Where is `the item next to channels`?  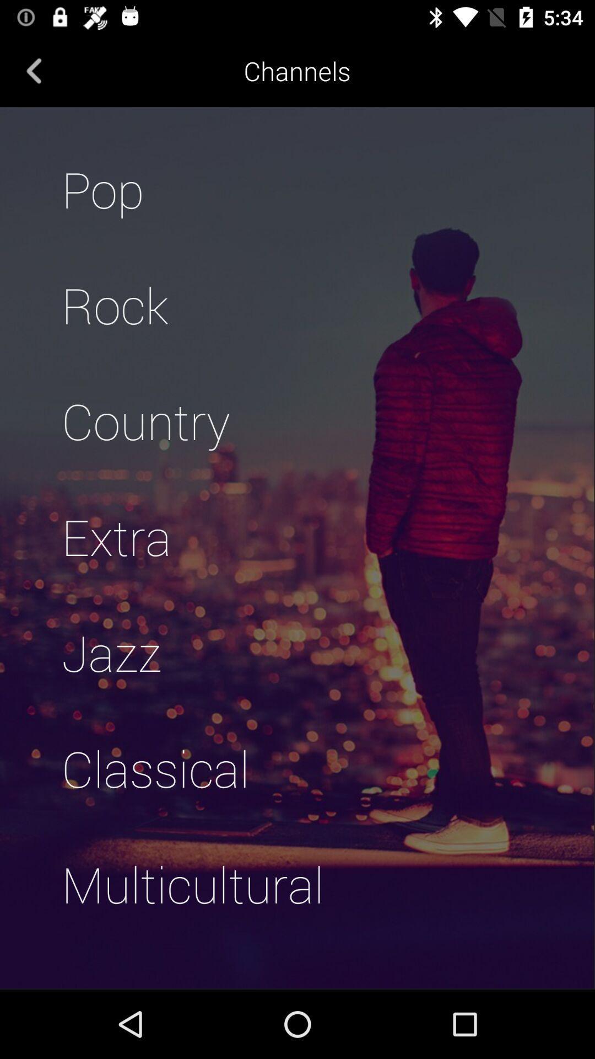 the item next to channels is located at coordinates (34, 70).